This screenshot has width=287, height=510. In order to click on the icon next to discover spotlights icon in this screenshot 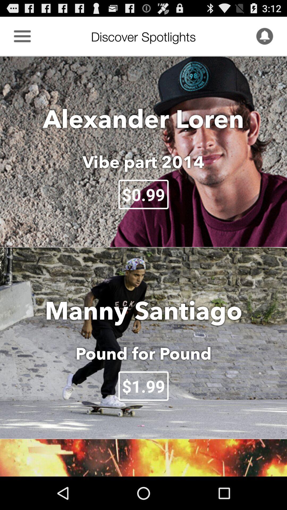, I will do `click(22, 36)`.